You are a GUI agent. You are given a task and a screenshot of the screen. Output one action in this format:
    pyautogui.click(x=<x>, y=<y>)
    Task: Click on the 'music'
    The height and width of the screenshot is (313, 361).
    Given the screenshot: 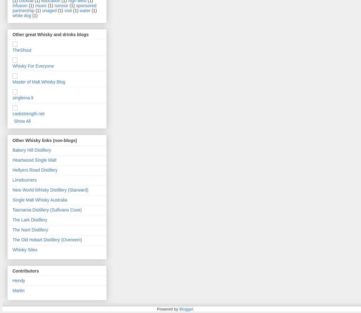 What is the action you would take?
    pyautogui.click(x=35, y=5)
    